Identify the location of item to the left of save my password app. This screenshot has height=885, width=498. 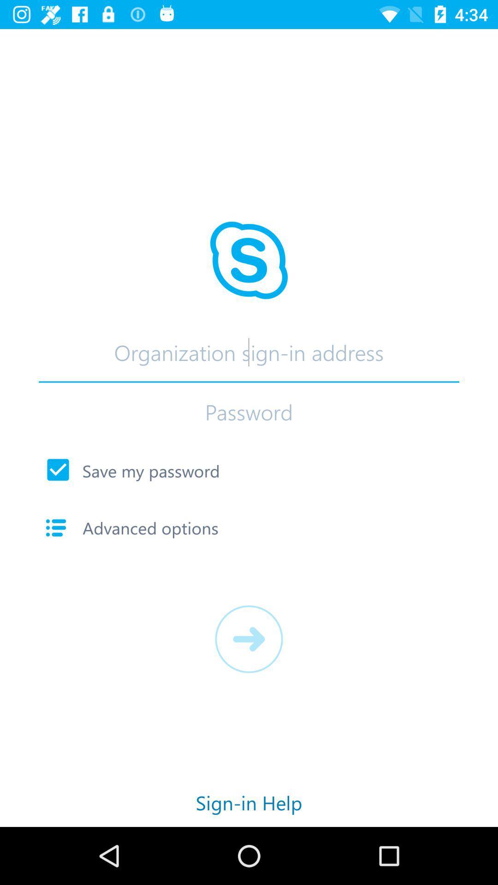
(58, 470).